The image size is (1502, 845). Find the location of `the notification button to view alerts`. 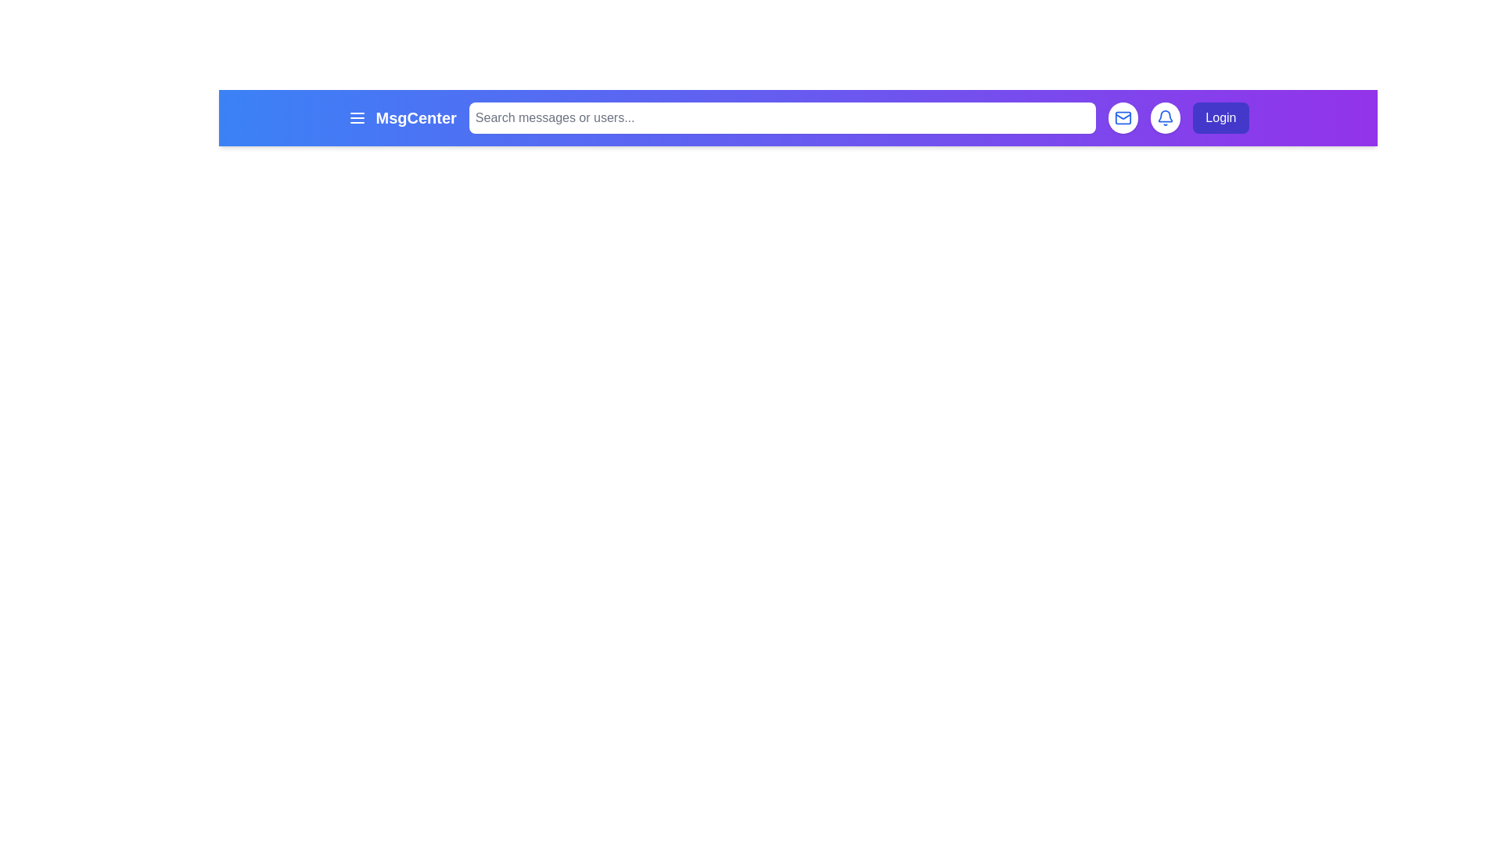

the notification button to view alerts is located at coordinates (1166, 117).